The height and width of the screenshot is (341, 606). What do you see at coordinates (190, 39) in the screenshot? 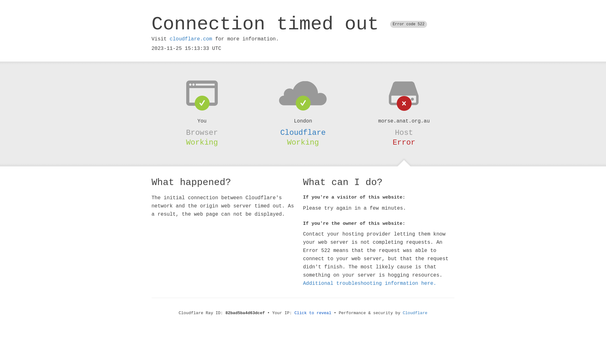
I see `'cloudflare.com'` at bounding box center [190, 39].